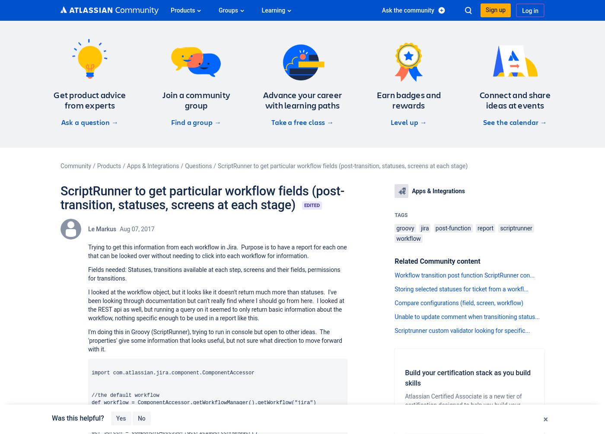  Describe the element at coordinates (312, 205) in the screenshot. I see `'Edited'` at that location.